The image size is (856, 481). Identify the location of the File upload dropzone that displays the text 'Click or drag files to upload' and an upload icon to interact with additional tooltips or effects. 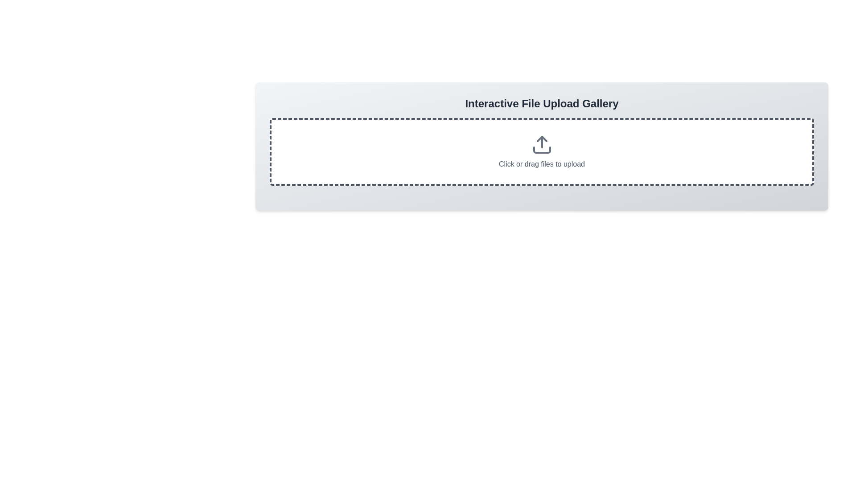
(541, 151).